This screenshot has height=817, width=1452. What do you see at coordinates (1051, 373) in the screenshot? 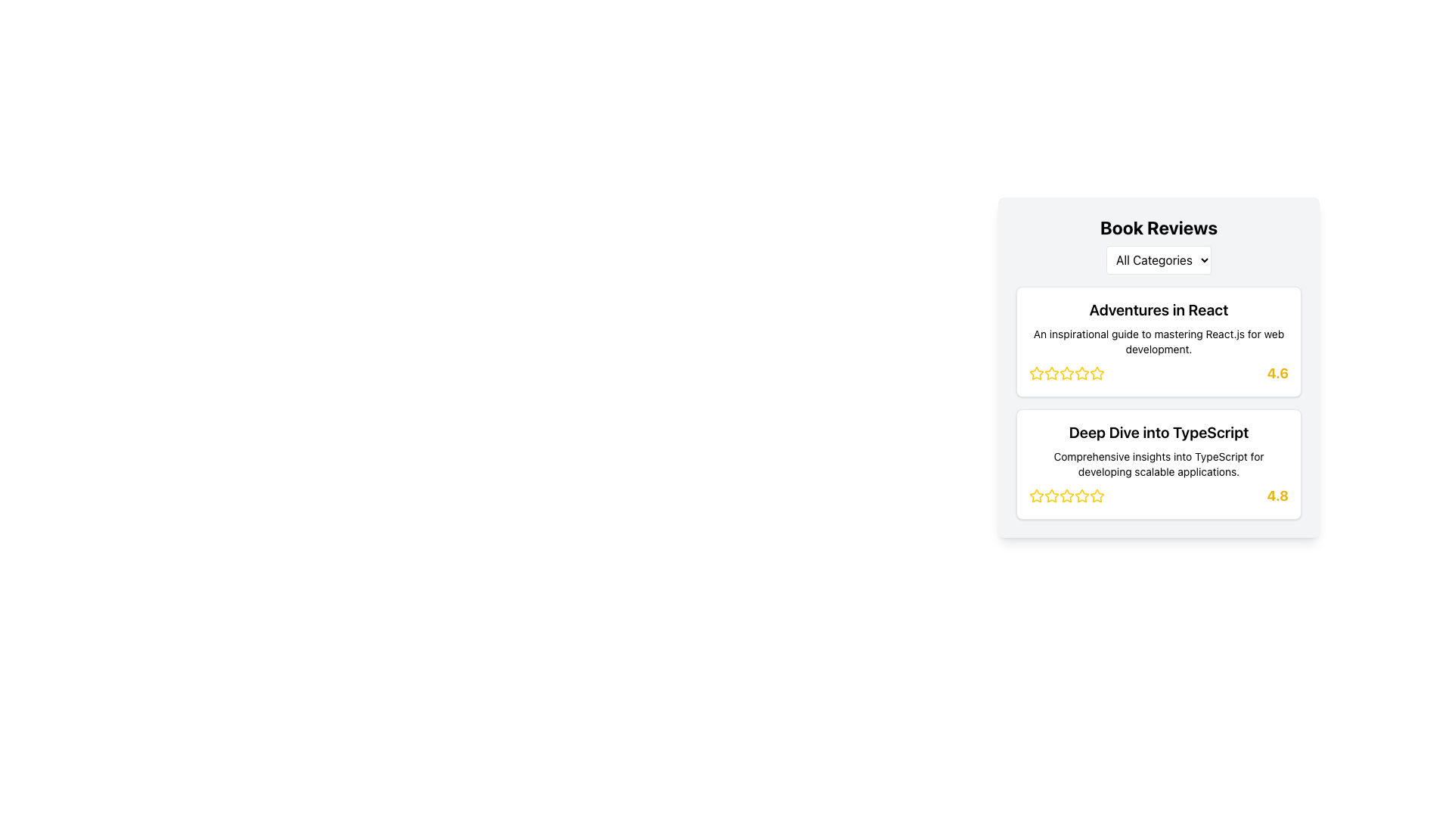
I see `the third yellow star icon in the horizontal row of five stars` at bounding box center [1051, 373].